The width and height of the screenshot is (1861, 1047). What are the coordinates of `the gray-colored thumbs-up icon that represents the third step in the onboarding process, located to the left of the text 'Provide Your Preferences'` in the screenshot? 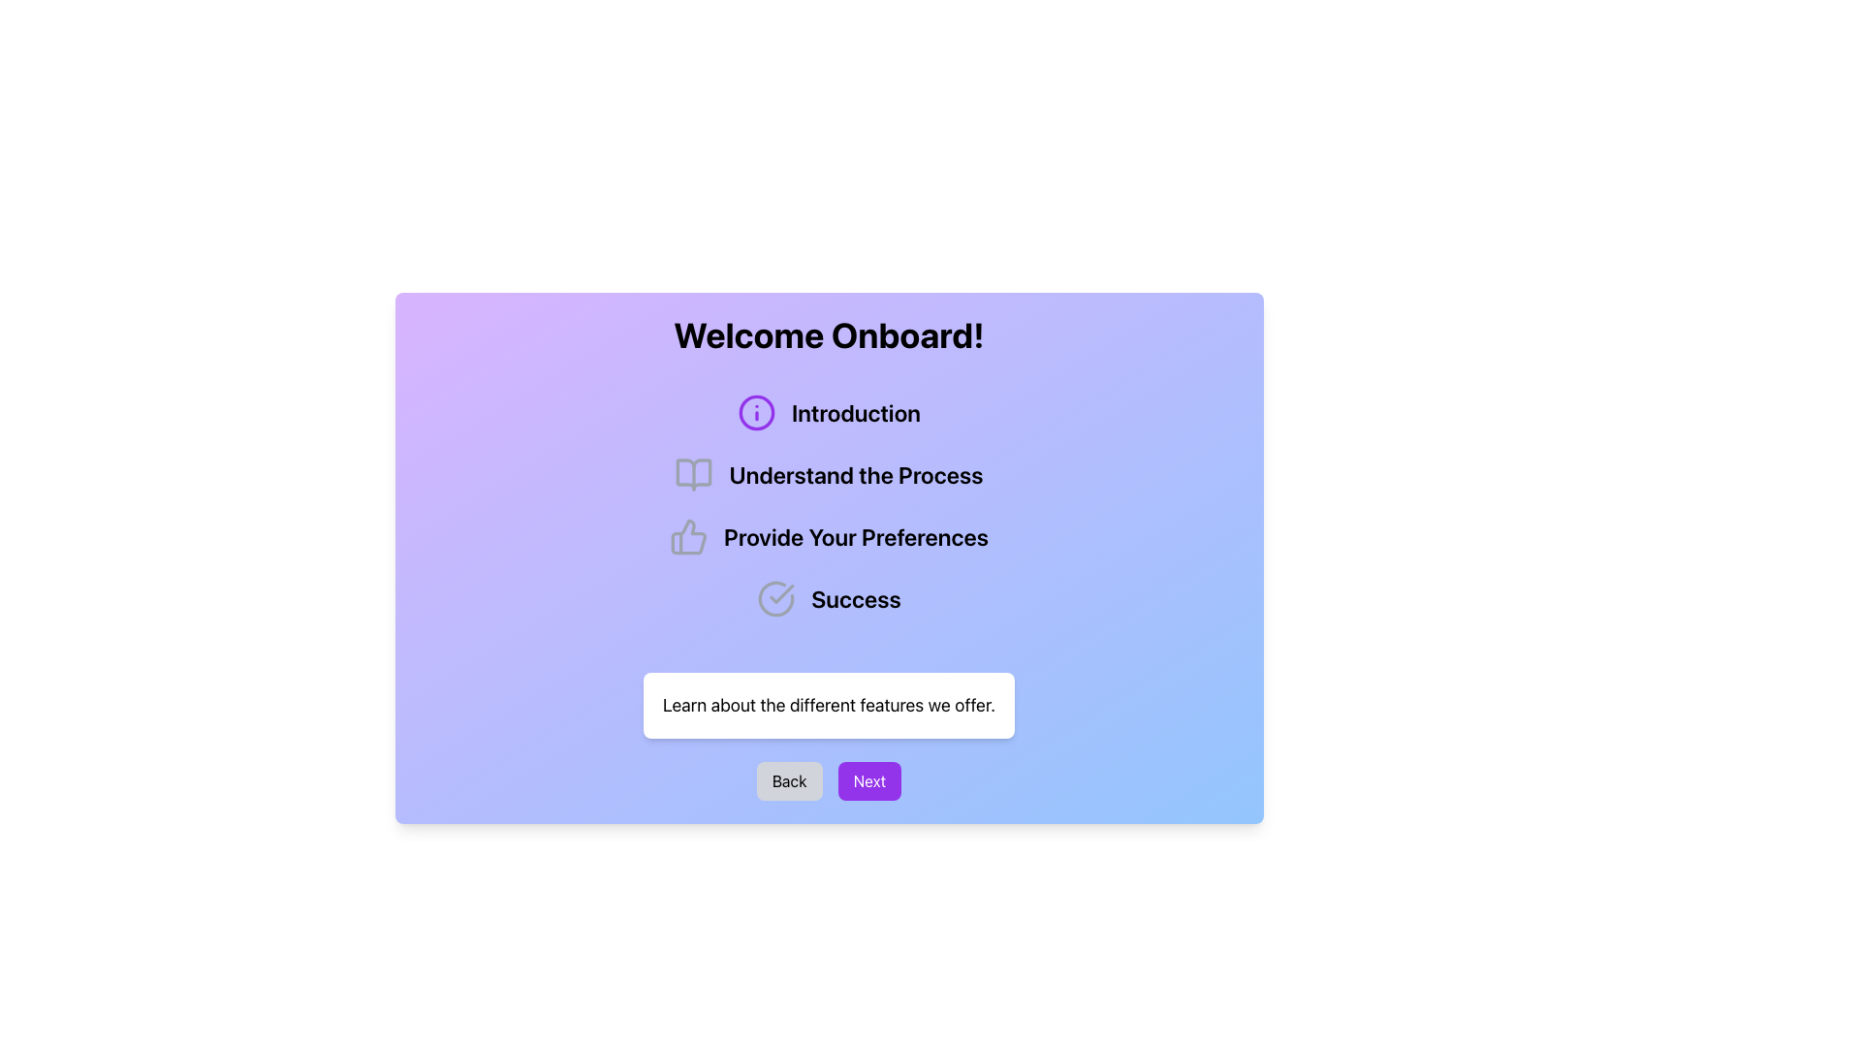 It's located at (688, 537).